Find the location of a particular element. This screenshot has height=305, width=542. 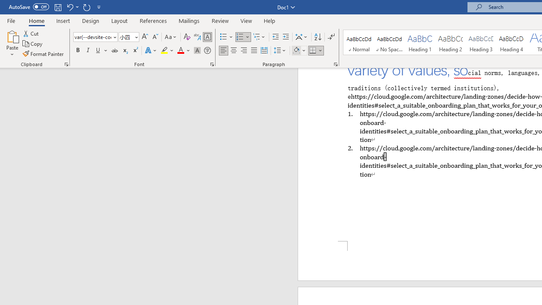

'Strikethrough' is located at coordinates (114, 50).